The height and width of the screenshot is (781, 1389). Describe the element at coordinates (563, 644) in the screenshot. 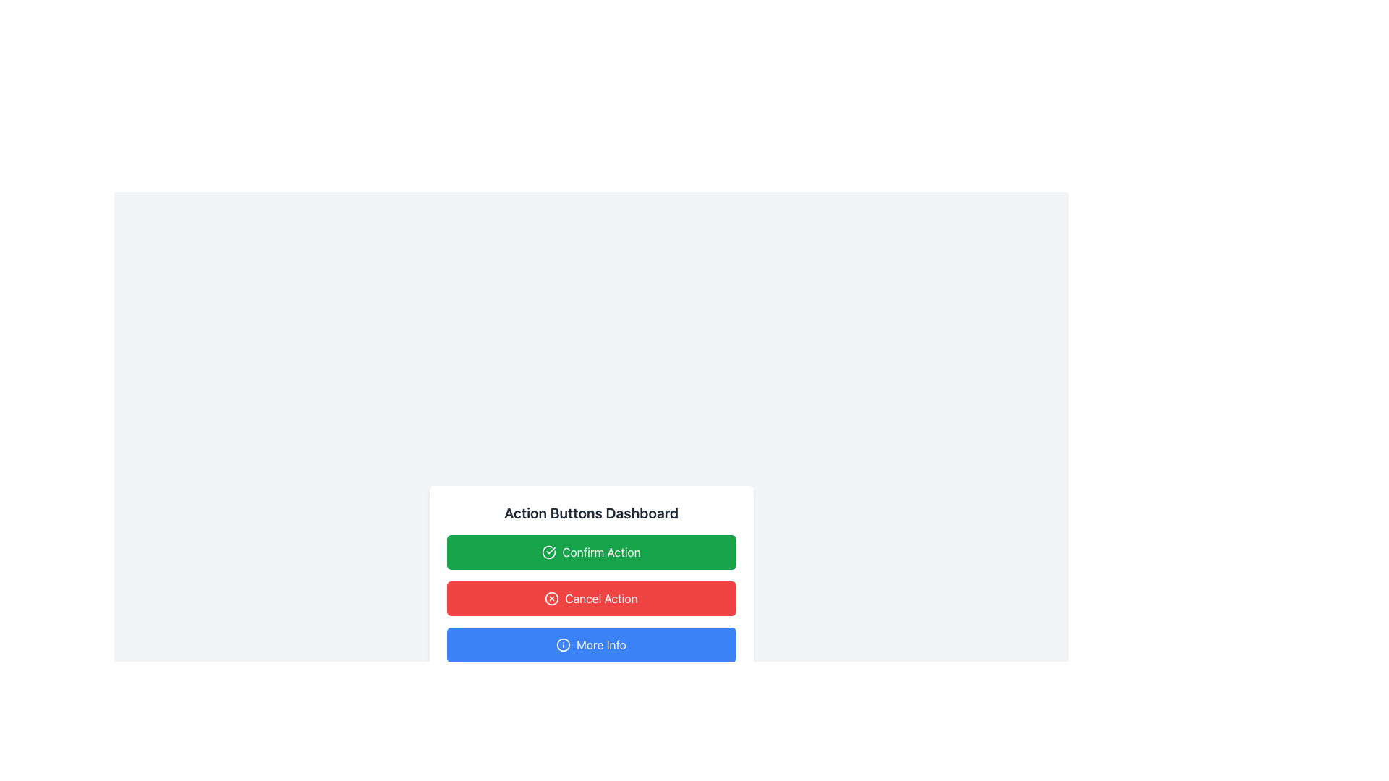

I see `the decorative or indicative icon representing the 'More Info' action, located to the left of the text 'More Info' within the blue button at the bottom of the interface card` at that location.